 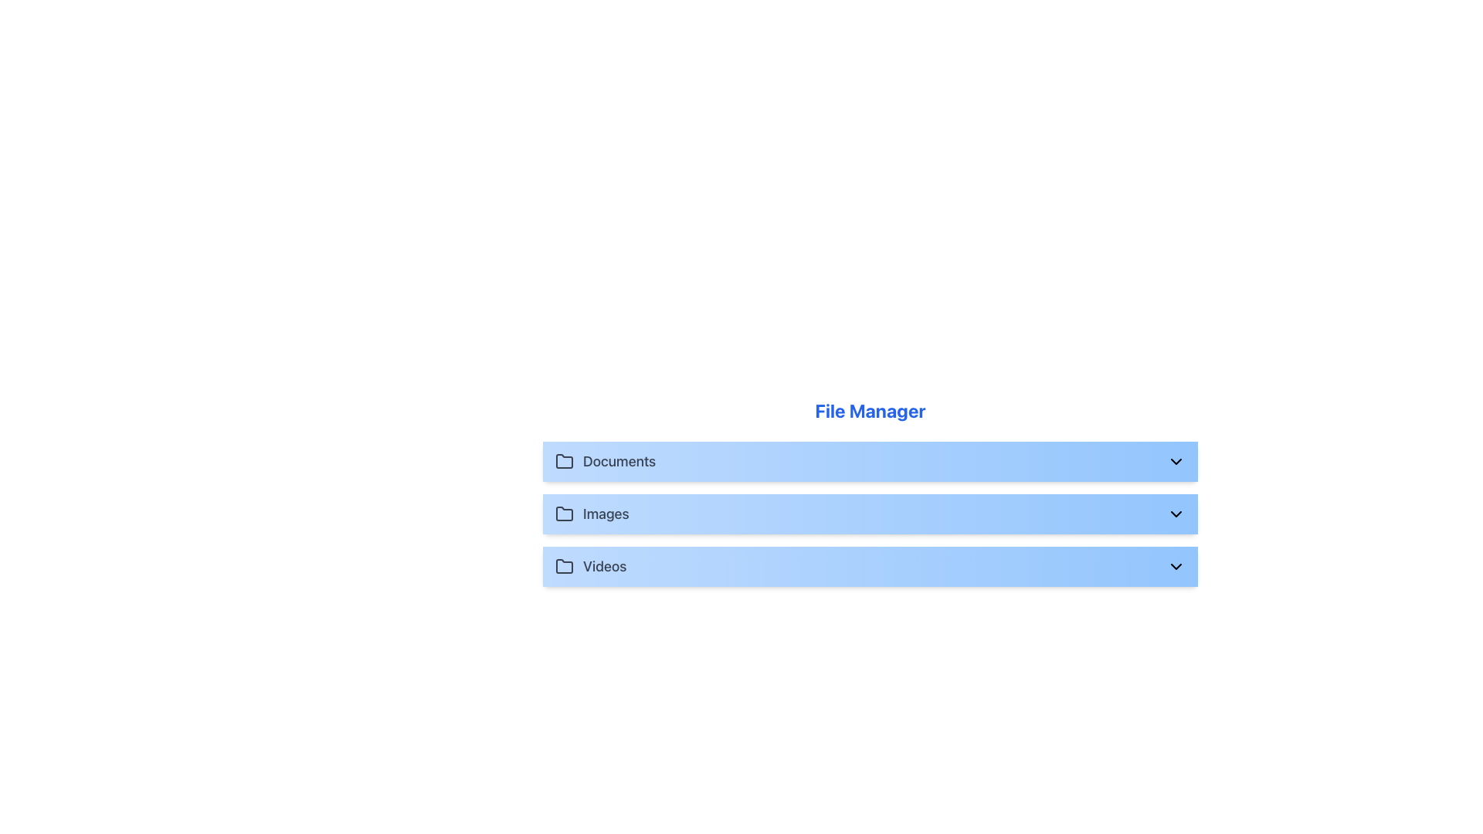 What do you see at coordinates (1175, 460) in the screenshot?
I see `the Dropdown indicator icon, which is a downward-facing chevron triangle located at the far right side of the 'Documents' section header` at bounding box center [1175, 460].